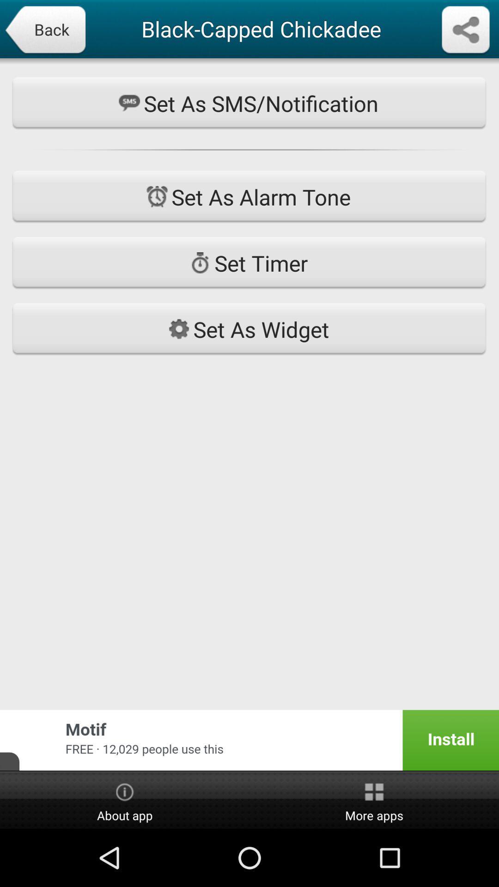  Describe the element at coordinates (374, 800) in the screenshot. I see `the button to the right of the about app icon` at that location.